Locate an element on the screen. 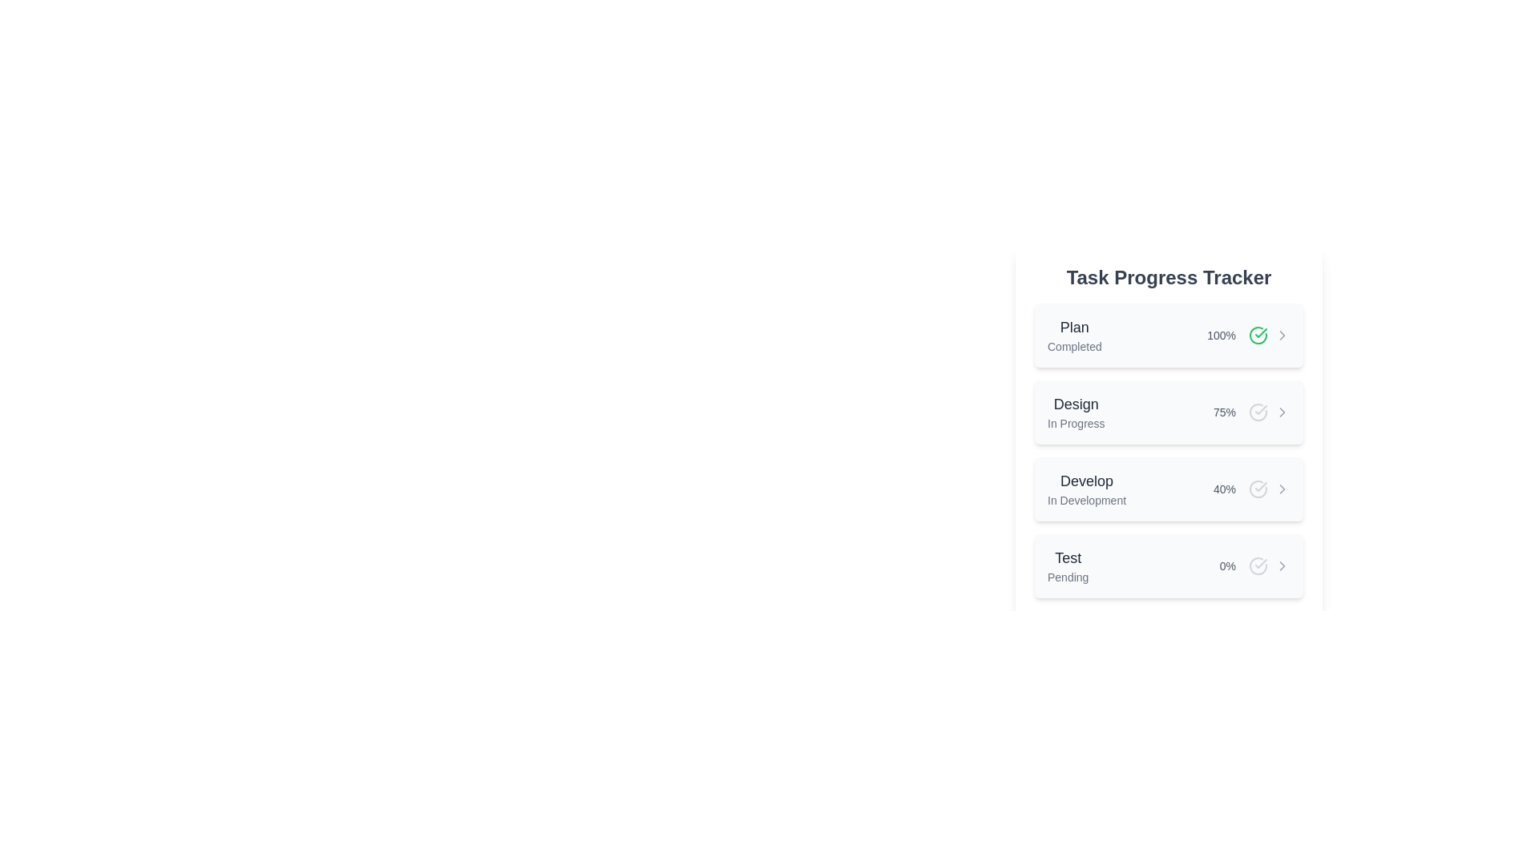  the percentage indicator label displaying '100%' in gray color, part of the 'Task Progress Tracker' module, located next to 'Plan Completed' is located at coordinates (1248, 335).